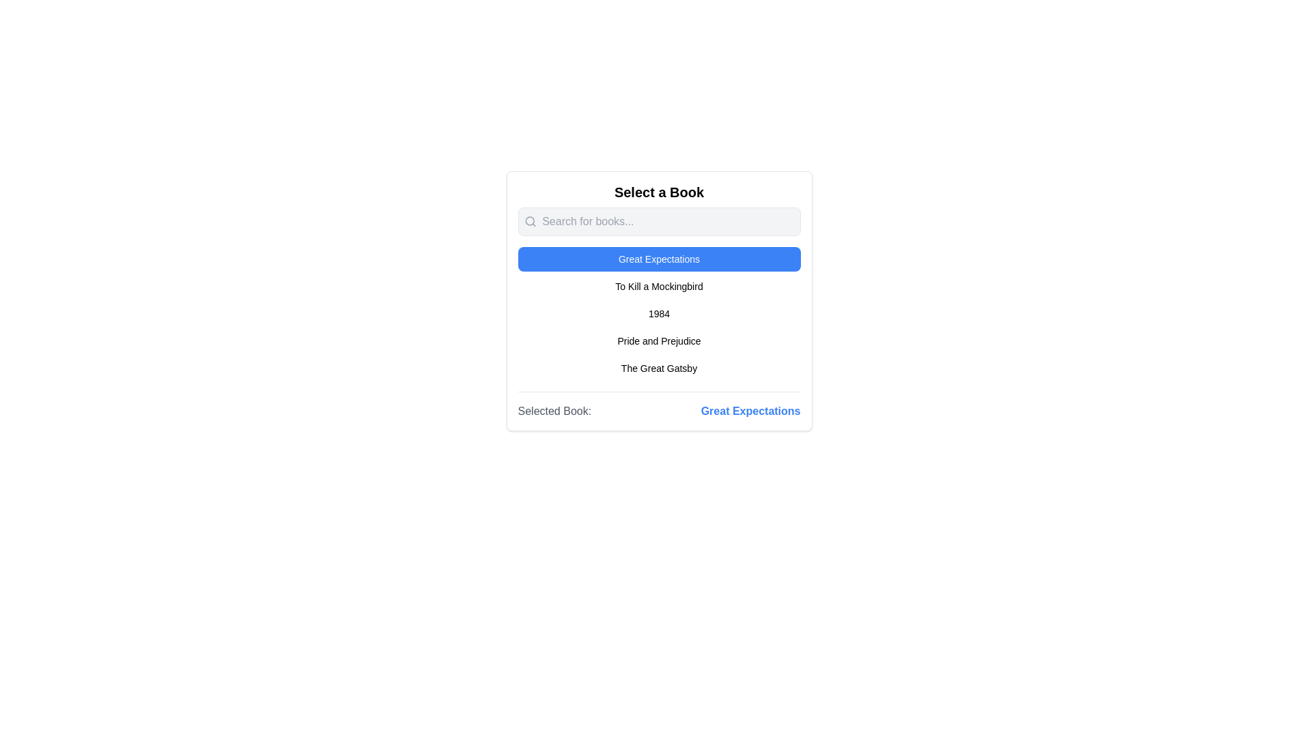 This screenshot has width=1311, height=737. Describe the element at coordinates (659, 259) in the screenshot. I see `the button for the book titled 'Great Expectations'` at that location.